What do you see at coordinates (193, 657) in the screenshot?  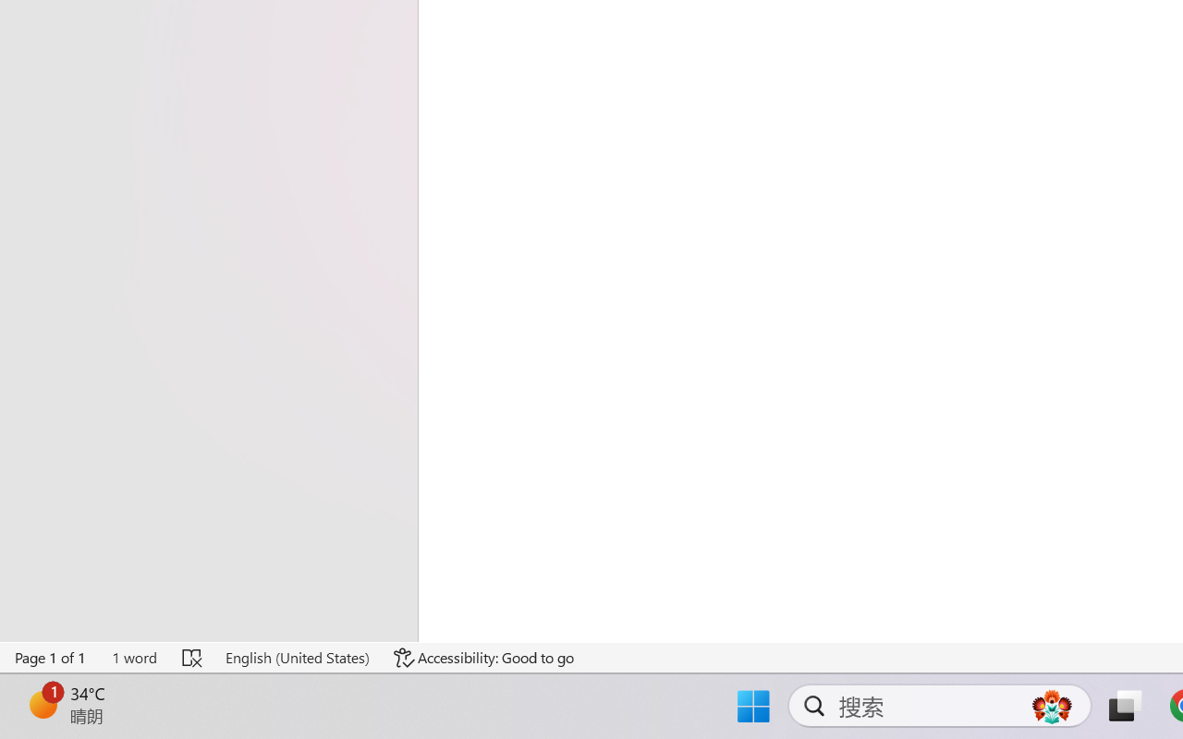 I see `'Spelling and Grammar Check Errors'` at bounding box center [193, 657].